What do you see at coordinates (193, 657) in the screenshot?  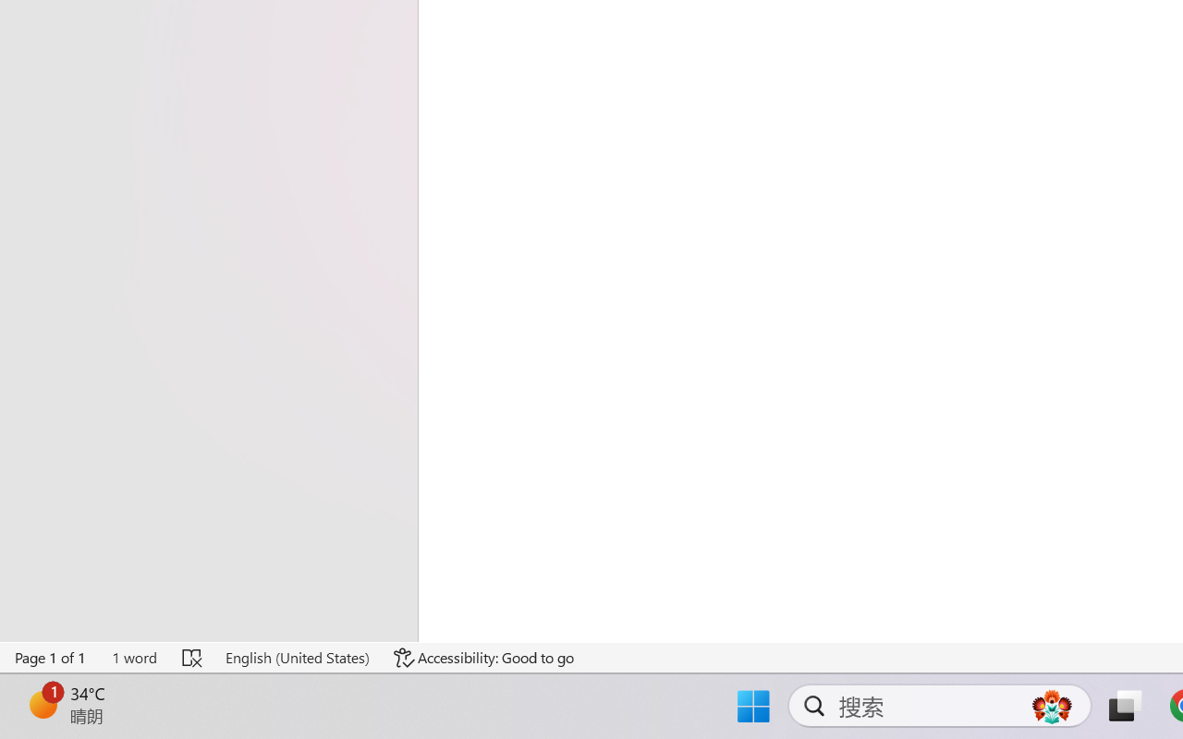 I see `'Spelling and Grammar Check Errors'` at bounding box center [193, 657].